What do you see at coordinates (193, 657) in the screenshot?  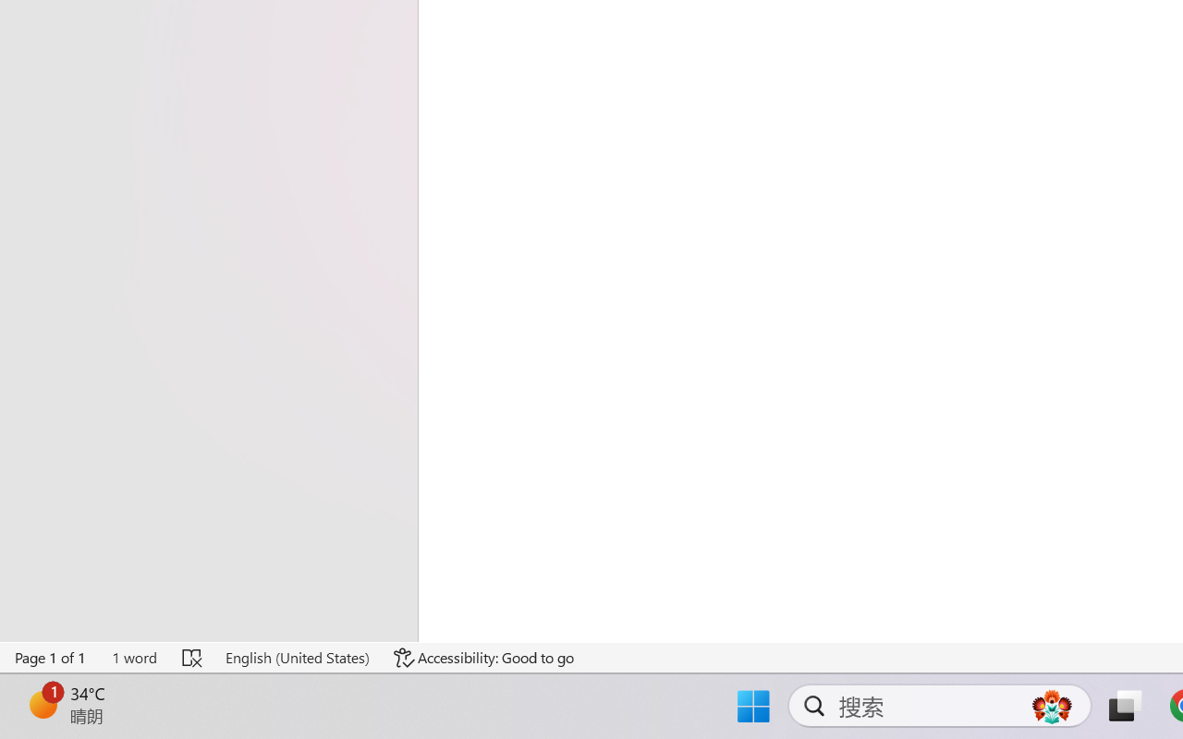 I see `'Spelling and Grammar Check Errors'` at bounding box center [193, 657].